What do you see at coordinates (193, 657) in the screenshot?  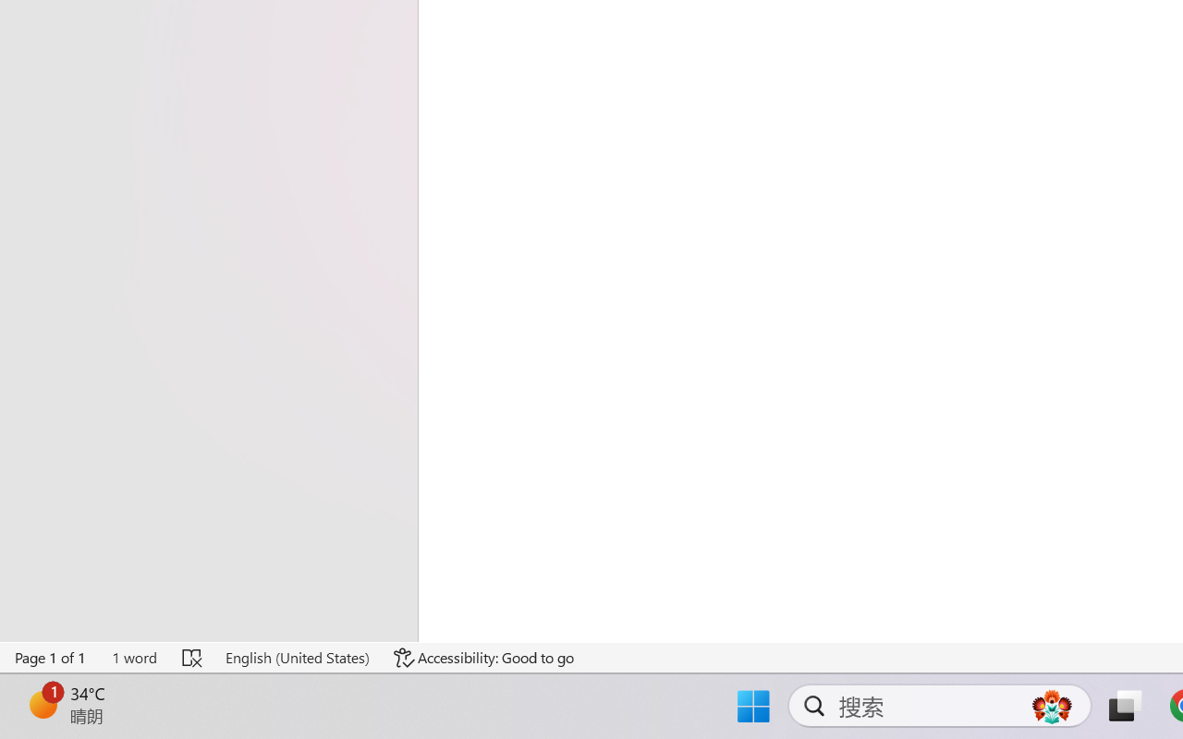 I see `'Spelling and Grammar Check Errors'` at bounding box center [193, 657].